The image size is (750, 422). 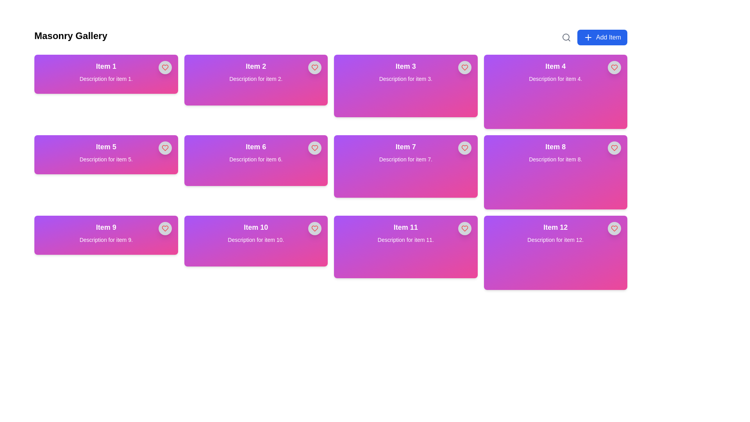 I want to click on descriptive text label related to 'Item 11', located within the second card of the bottom row in the masonry grid layout, so click(x=405, y=239).